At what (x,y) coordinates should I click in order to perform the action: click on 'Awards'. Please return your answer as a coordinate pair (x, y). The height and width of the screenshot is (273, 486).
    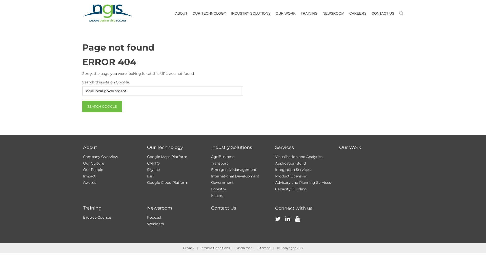
    Looking at the image, I should click on (90, 182).